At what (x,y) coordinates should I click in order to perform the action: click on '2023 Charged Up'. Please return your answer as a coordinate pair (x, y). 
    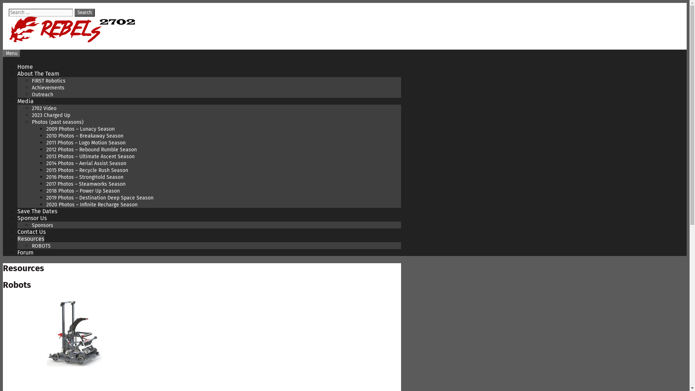
    Looking at the image, I should click on (50, 115).